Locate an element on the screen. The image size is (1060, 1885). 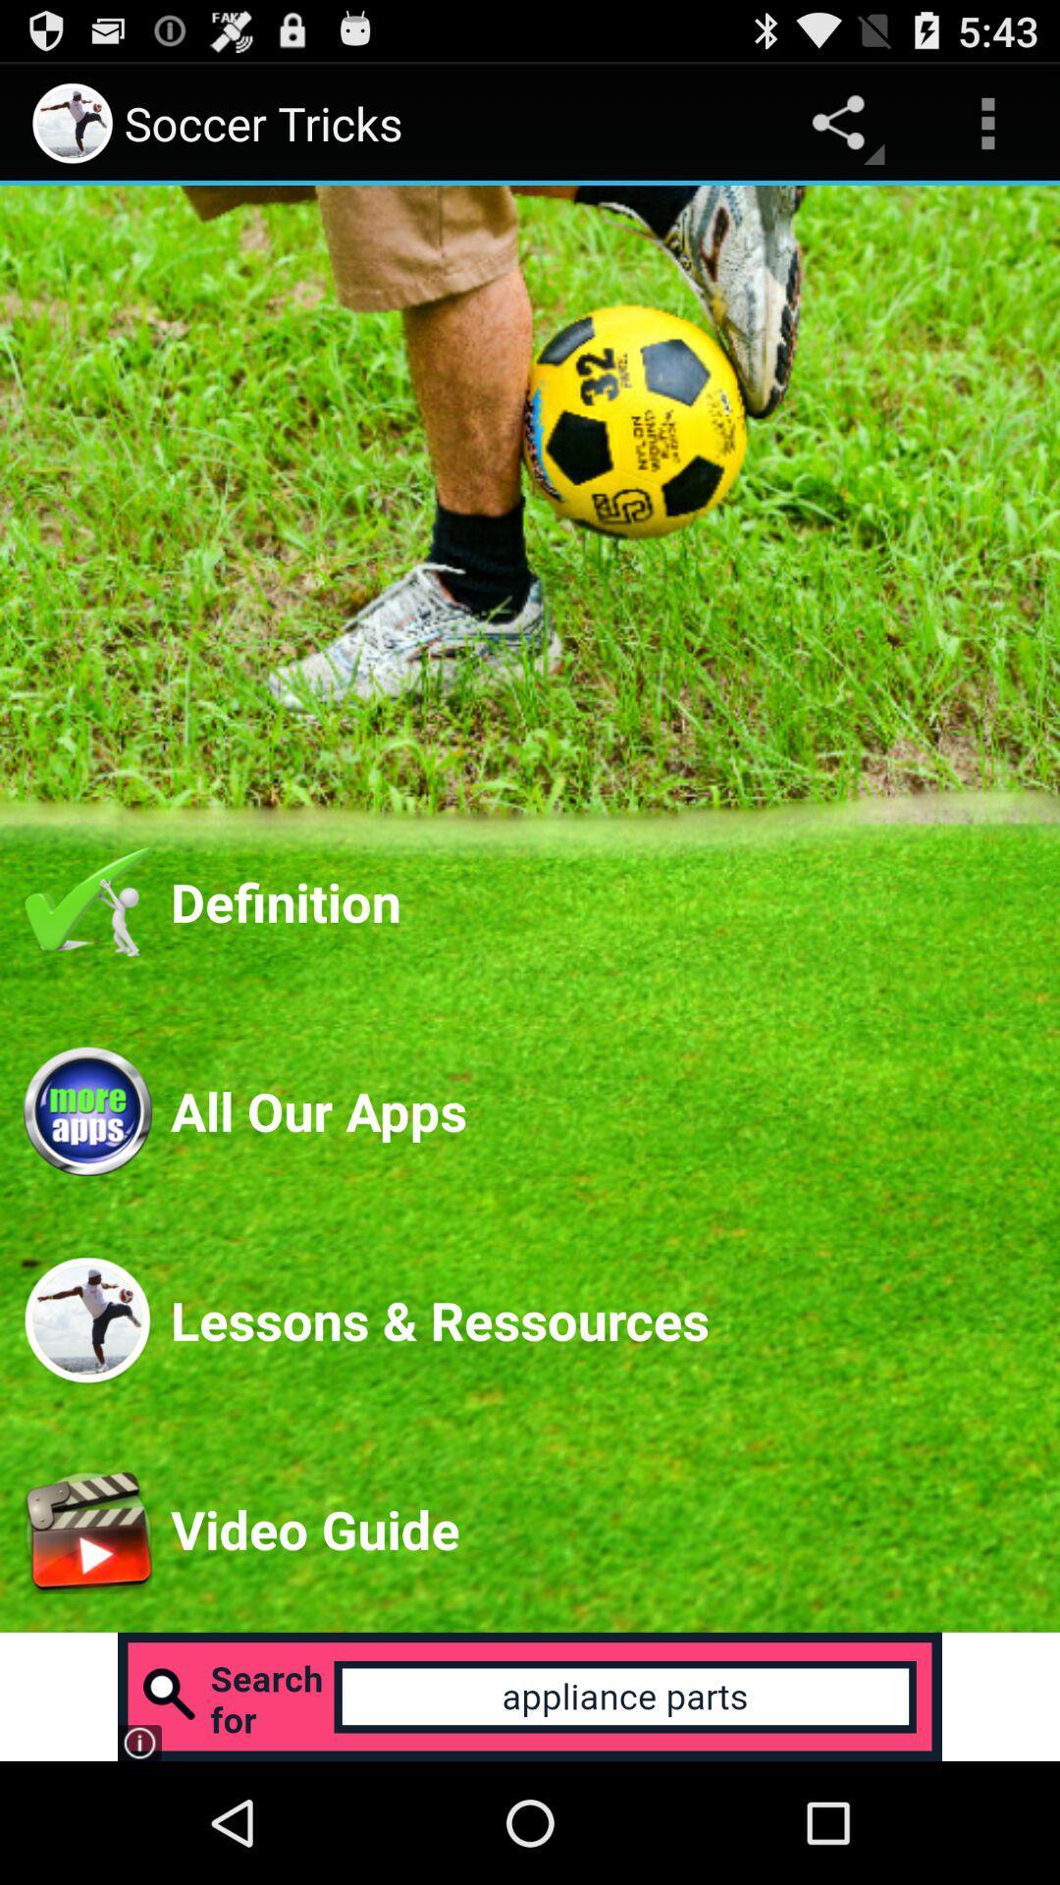
icon above lessons & ressources icon is located at coordinates (602, 1110).